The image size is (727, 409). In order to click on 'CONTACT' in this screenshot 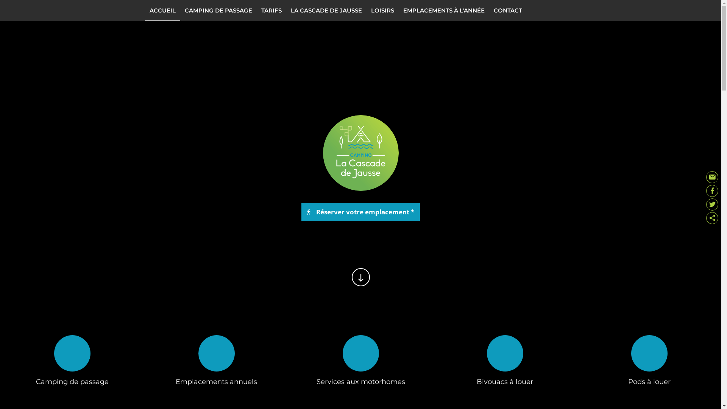, I will do `click(508, 10)`.